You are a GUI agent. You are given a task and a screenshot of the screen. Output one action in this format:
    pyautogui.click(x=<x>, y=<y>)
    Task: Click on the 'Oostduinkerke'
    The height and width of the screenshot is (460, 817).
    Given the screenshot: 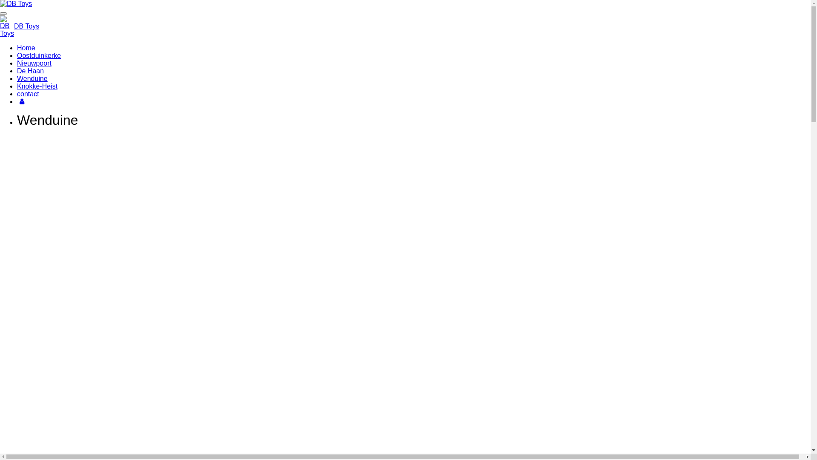 What is the action you would take?
    pyautogui.click(x=17, y=55)
    